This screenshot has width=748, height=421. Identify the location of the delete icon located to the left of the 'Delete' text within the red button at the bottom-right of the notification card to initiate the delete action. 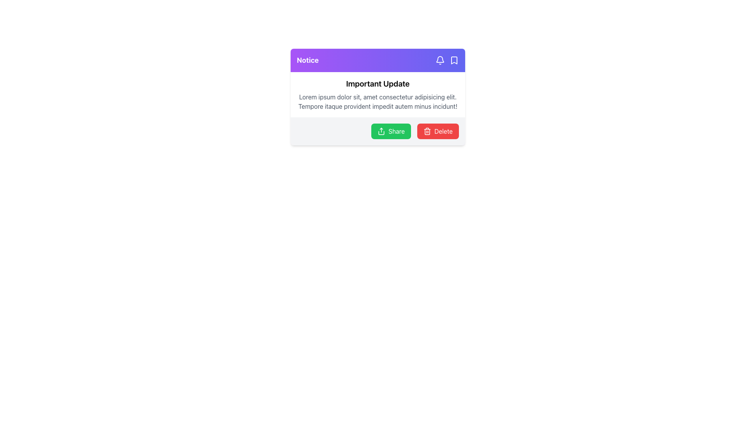
(427, 131).